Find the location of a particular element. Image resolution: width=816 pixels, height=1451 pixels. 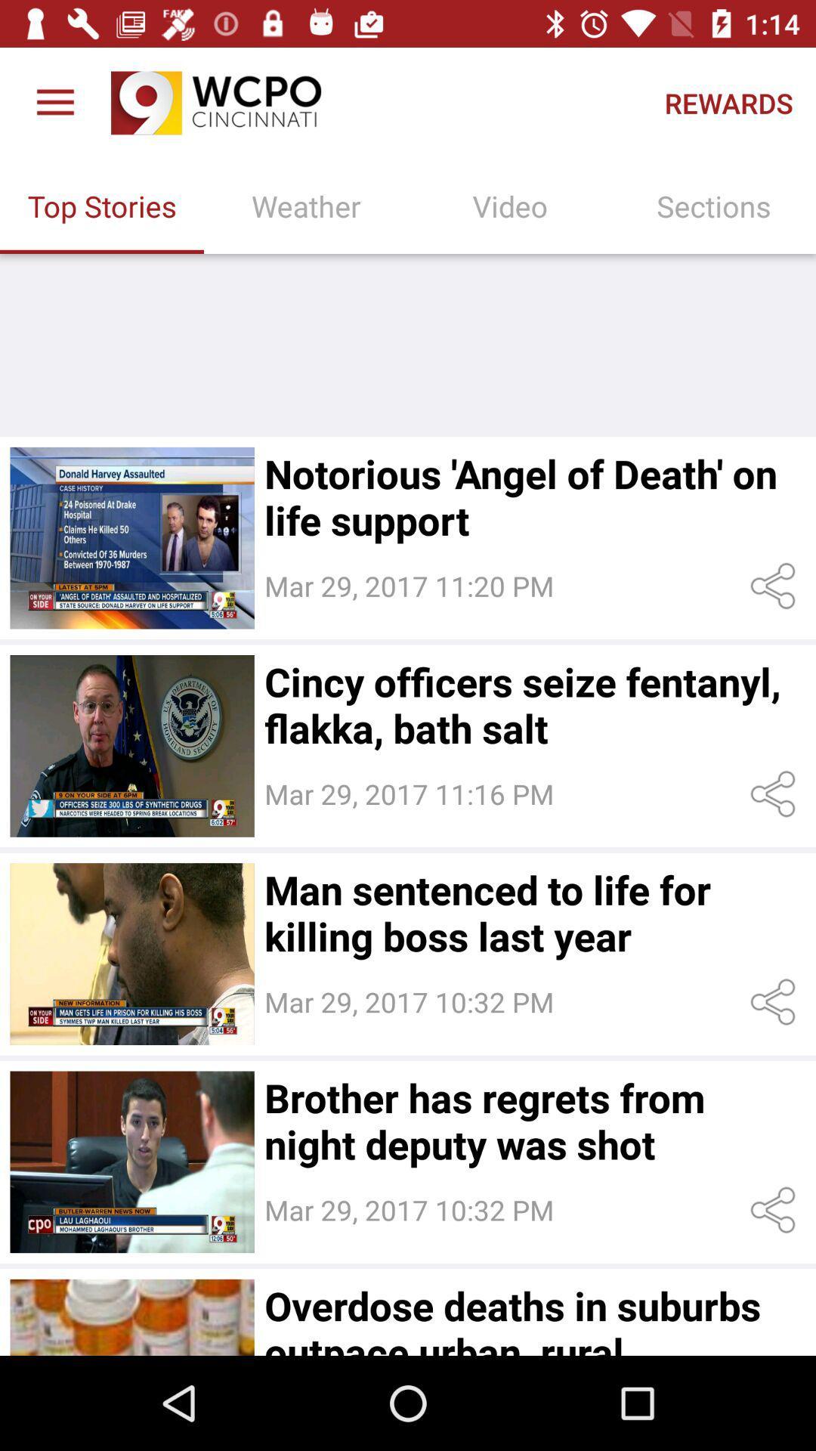

share is located at coordinates (776, 585).